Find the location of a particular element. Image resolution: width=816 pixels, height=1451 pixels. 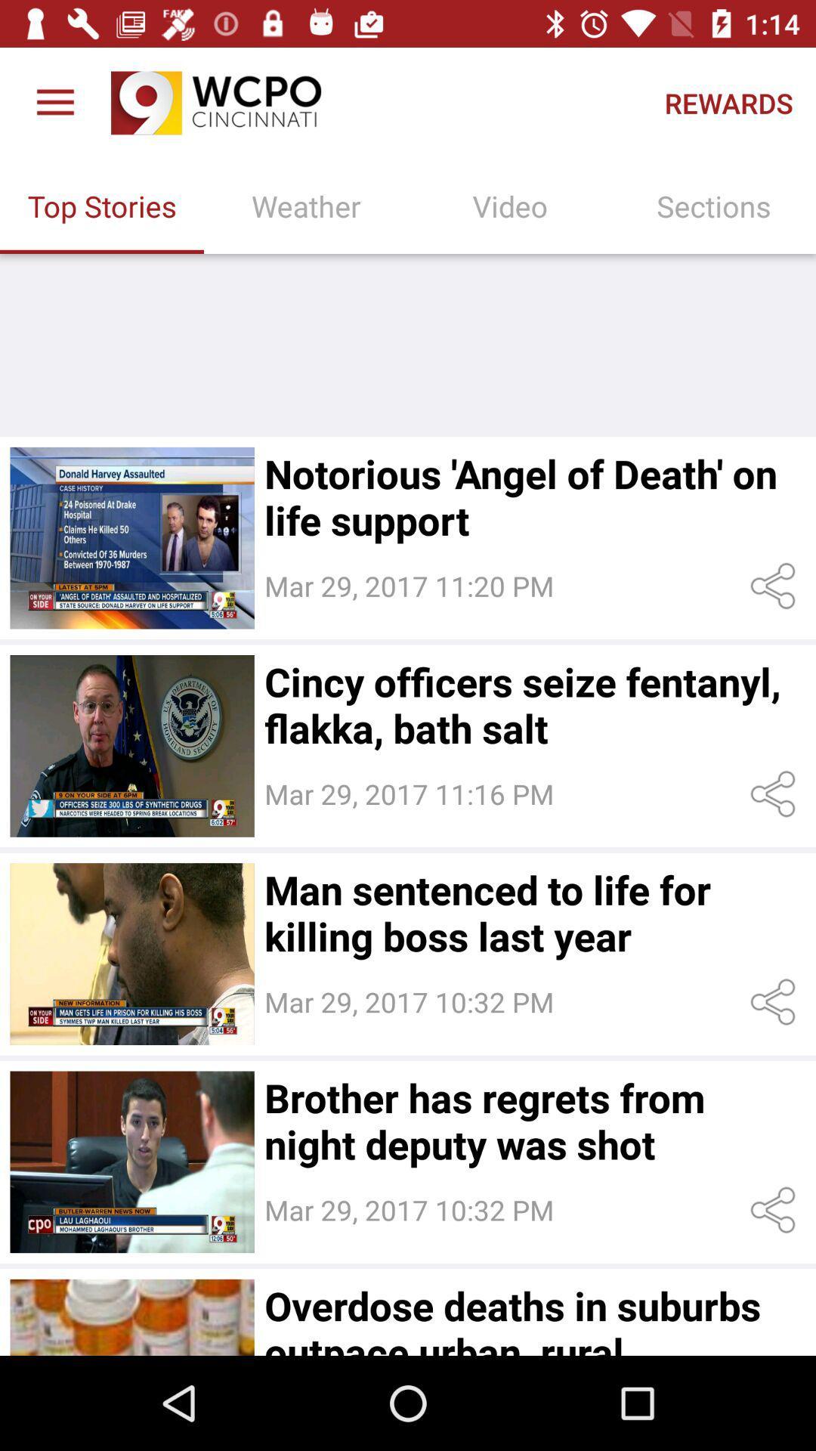

share is located at coordinates (776, 585).